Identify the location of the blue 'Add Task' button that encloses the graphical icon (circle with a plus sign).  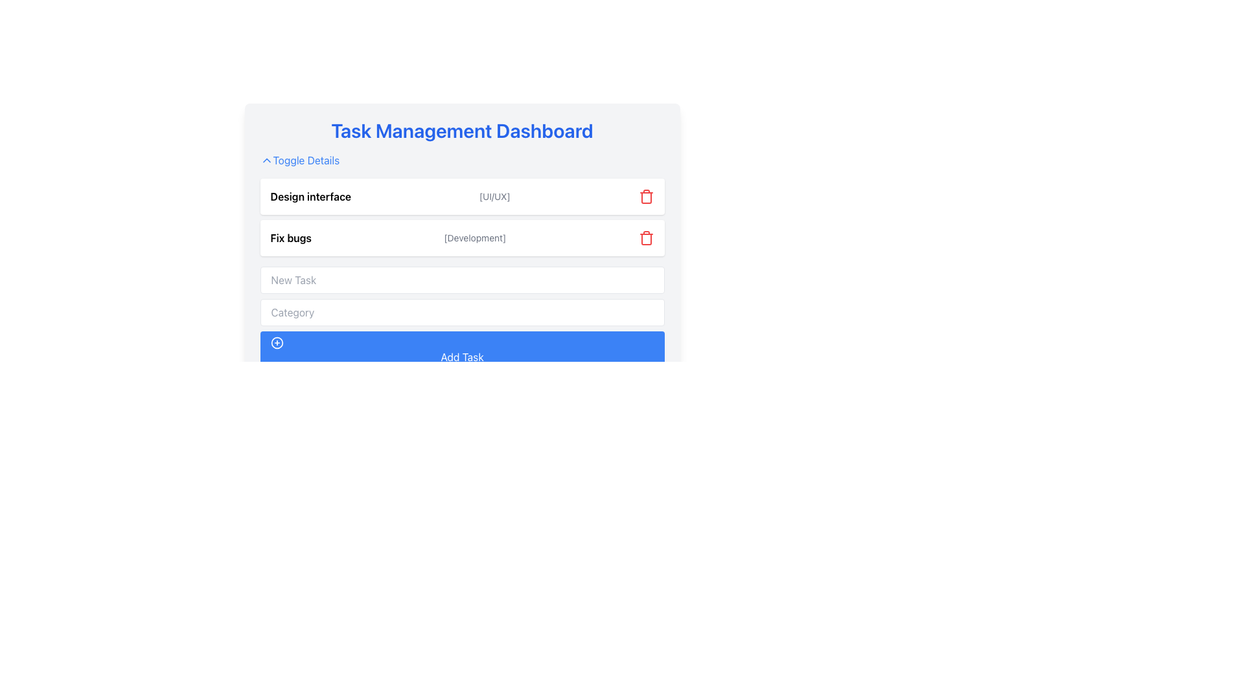
(276, 342).